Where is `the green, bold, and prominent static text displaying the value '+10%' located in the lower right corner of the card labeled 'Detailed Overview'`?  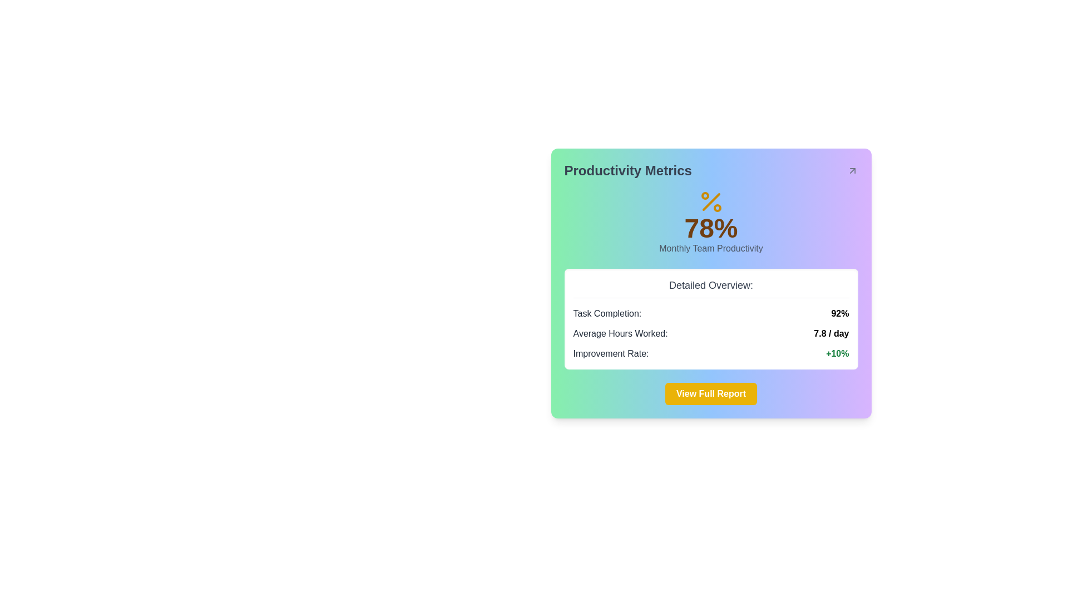 the green, bold, and prominent static text displaying the value '+10%' located in the lower right corner of the card labeled 'Detailed Overview' is located at coordinates (837, 354).